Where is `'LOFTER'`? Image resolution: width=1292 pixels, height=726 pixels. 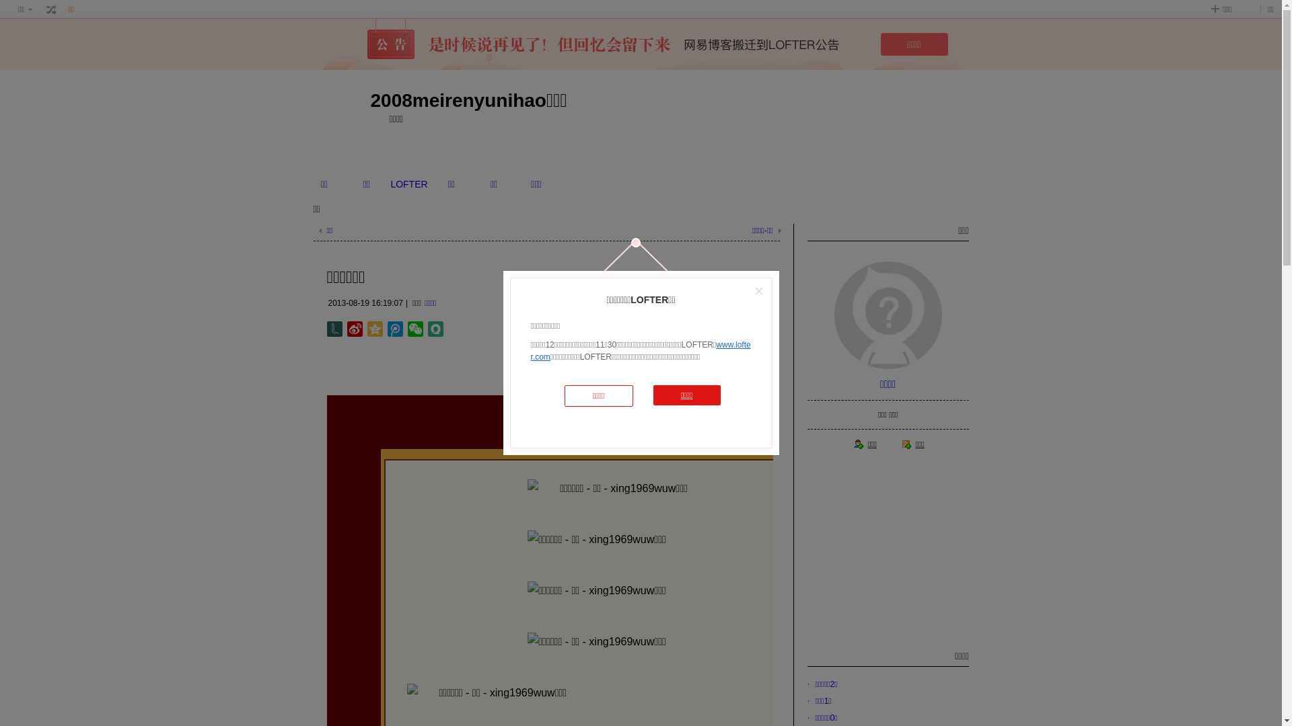
'LOFTER' is located at coordinates (408, 184).